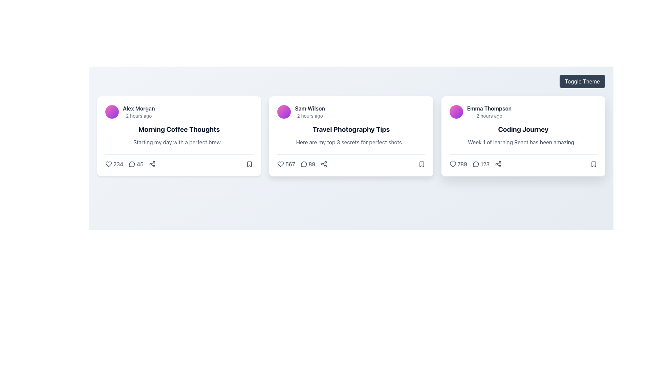 The image size is (650, 365). Describe the element at coordinates (593, 164) in the screenshot. I see `the bookmark icon located in the bottom-right corner of the 'Coding Journey' card to bookmark or unbookmark the item` at that location.